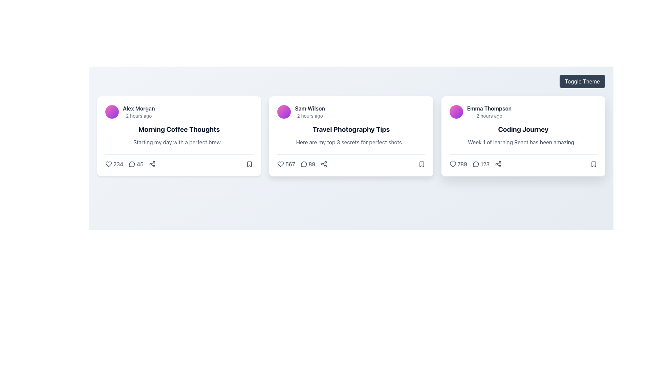 The image size is (650, 365). Describe the element at coordinates (593, 164) in the screenshot. I see `the bookmark icon located in the bottom-right corner of the 'Coding Journey' card to bookmark or unbookmark the item` at that location.